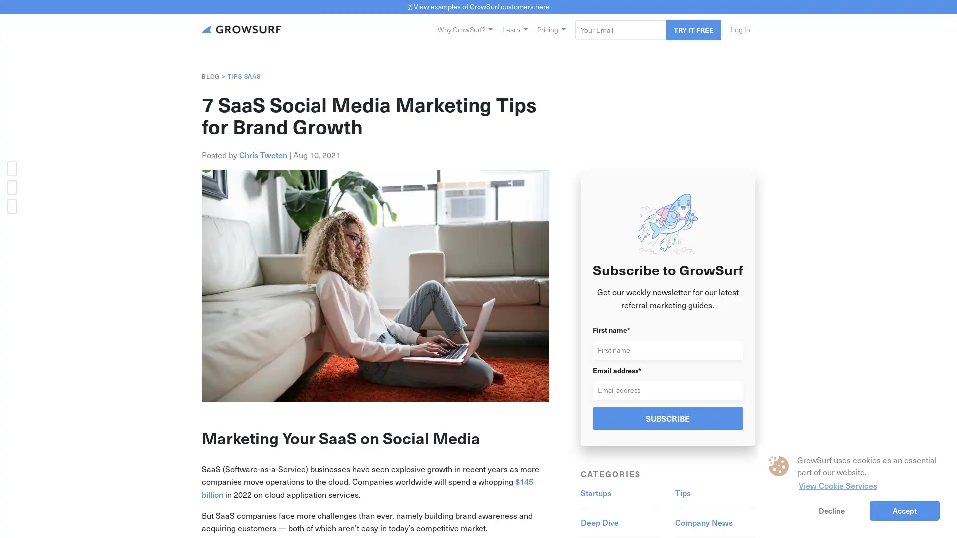 The width and height of the screenshot is (957, 538). What do you see at coordinates (667, 418) in the screenshot?
I see `SUBSCRIBE` at bounding box center [667, 418].